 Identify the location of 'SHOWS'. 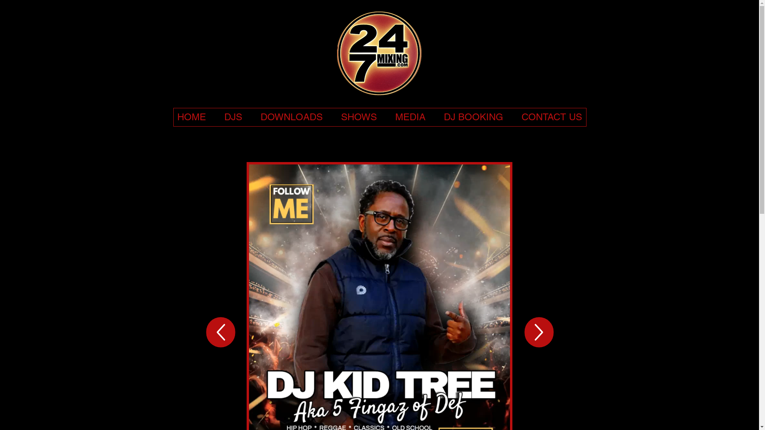
(359, 117).